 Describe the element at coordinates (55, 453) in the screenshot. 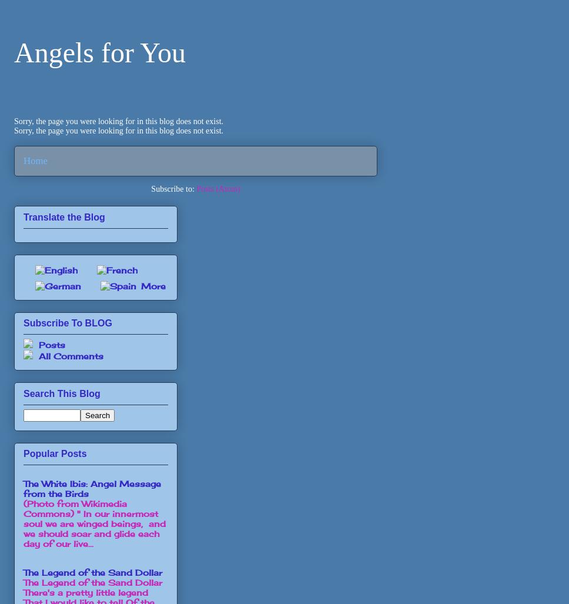

I see `'Popular Posts'` at that location.